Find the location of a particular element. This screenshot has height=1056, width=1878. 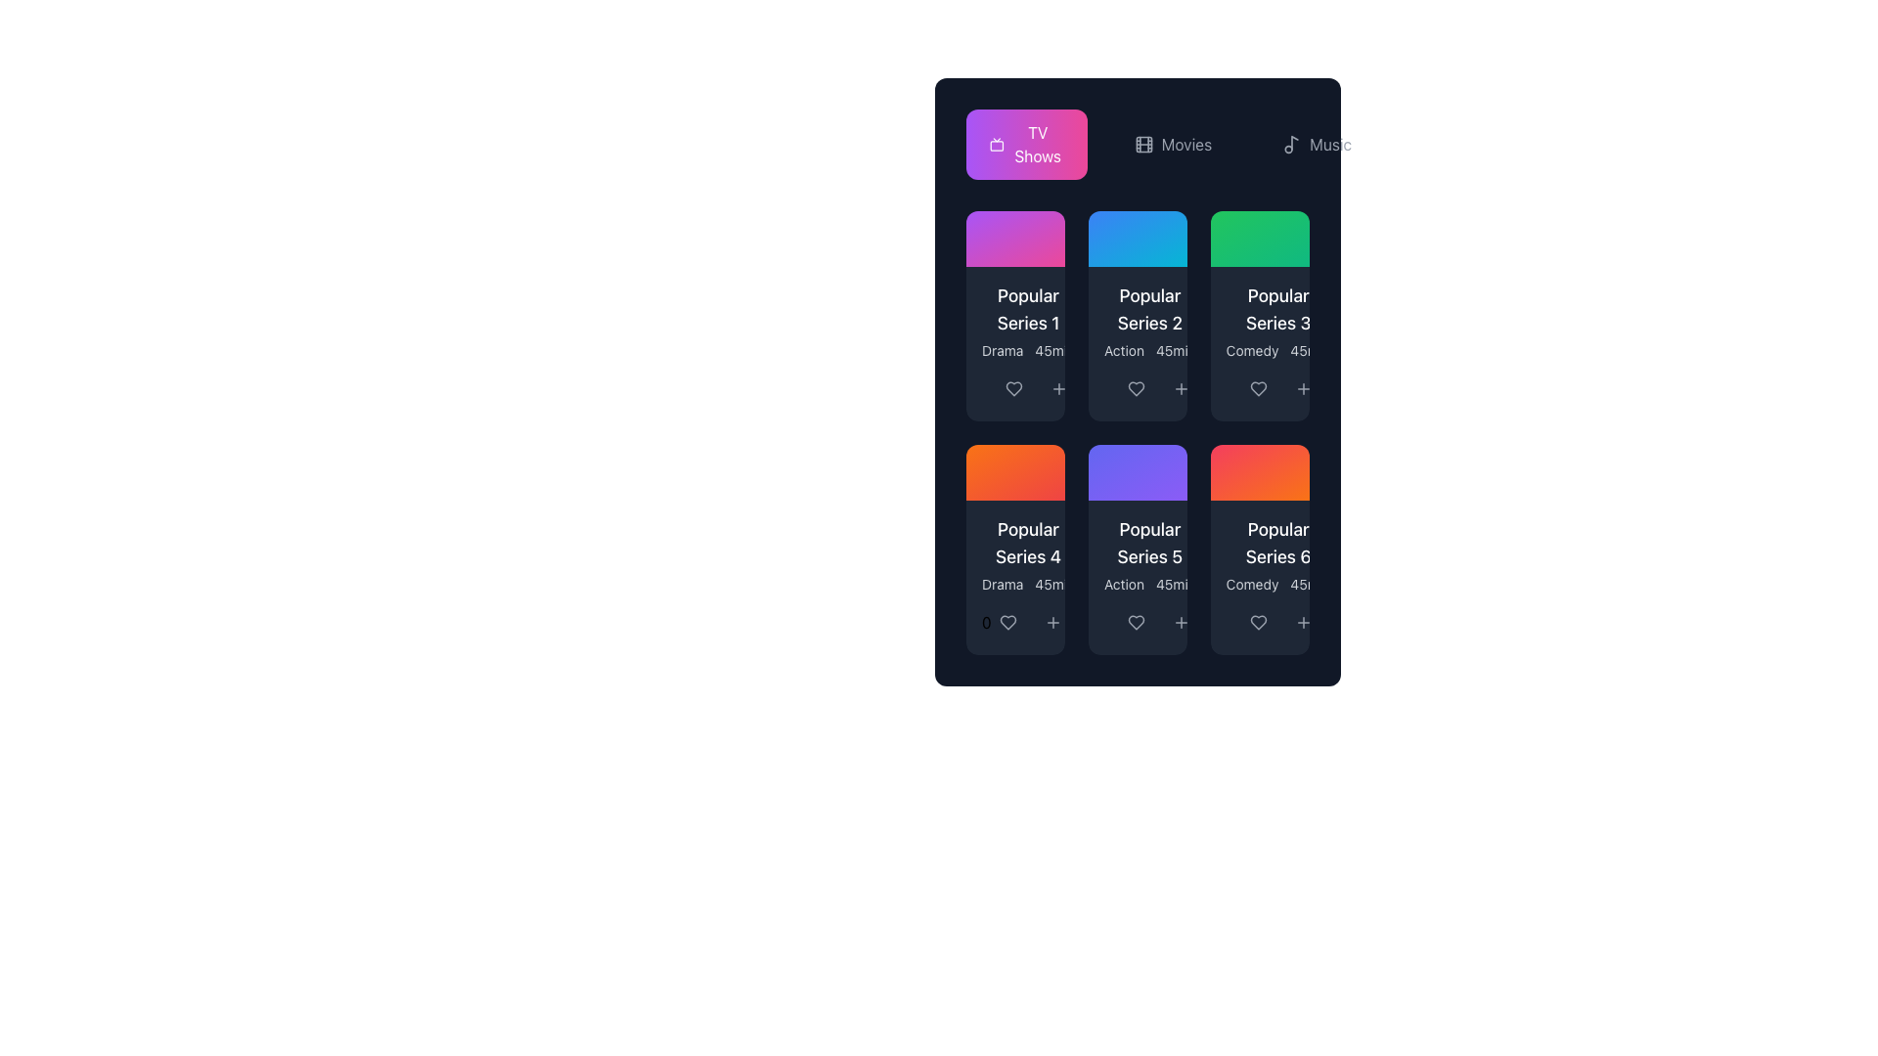

the share icon for 'Popular Series 5' is located at coordinates (1097, 622).